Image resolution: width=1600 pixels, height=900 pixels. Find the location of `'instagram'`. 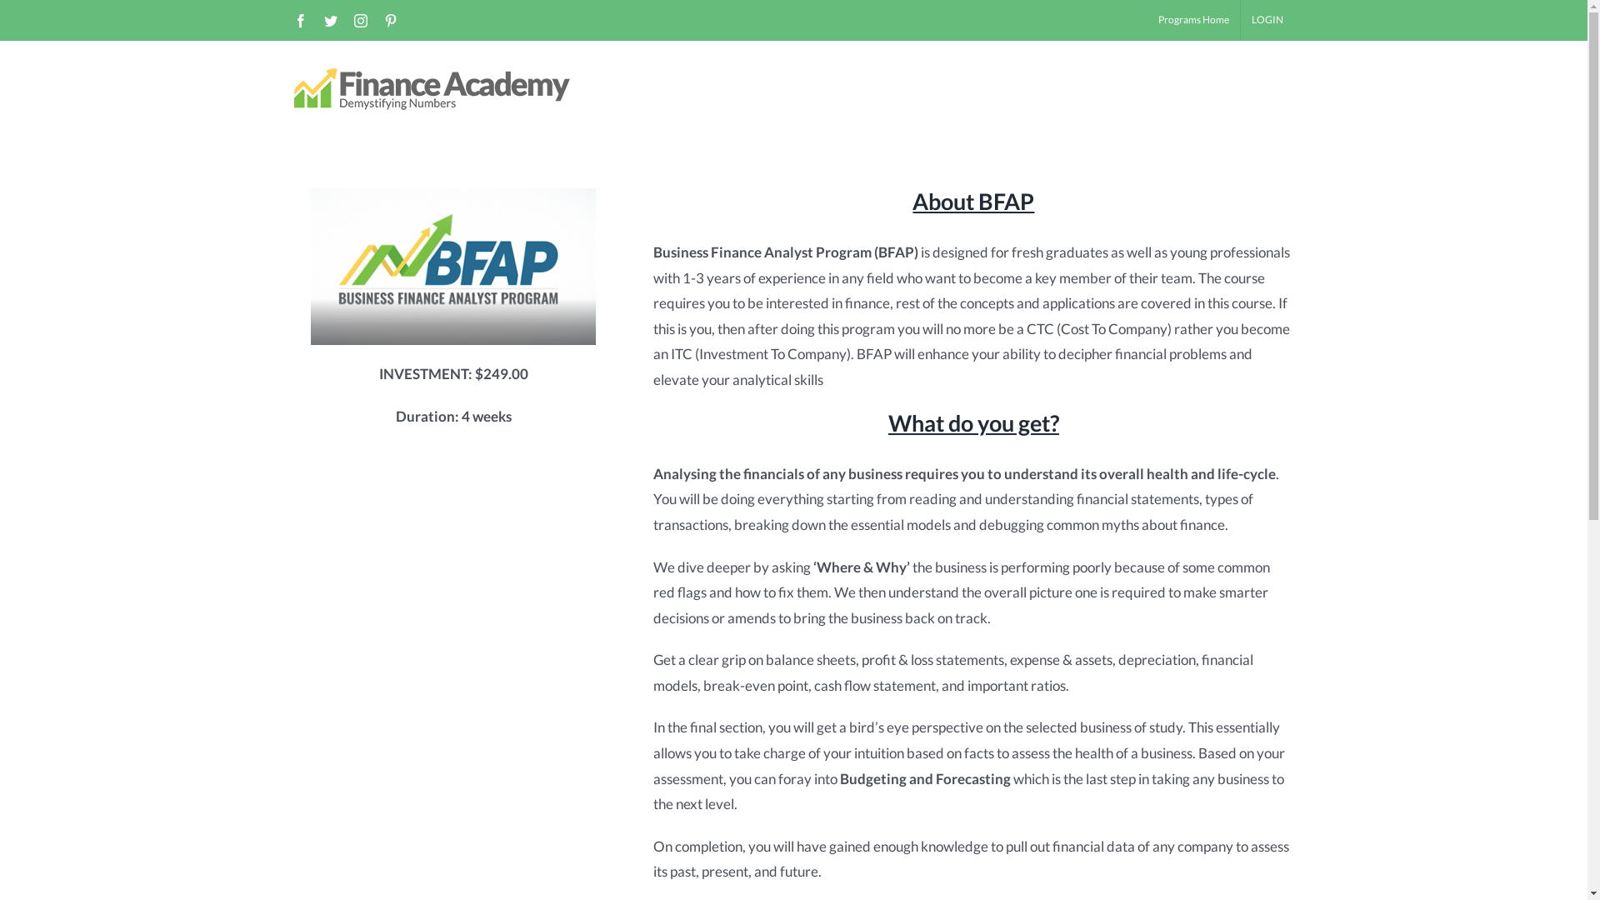

'instagram' is located at coordinates (359, 19).